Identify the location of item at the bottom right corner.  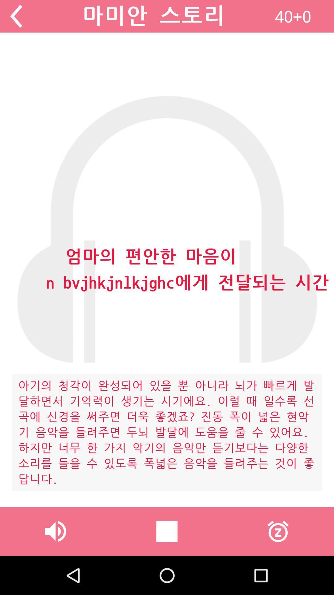
(278, 531).